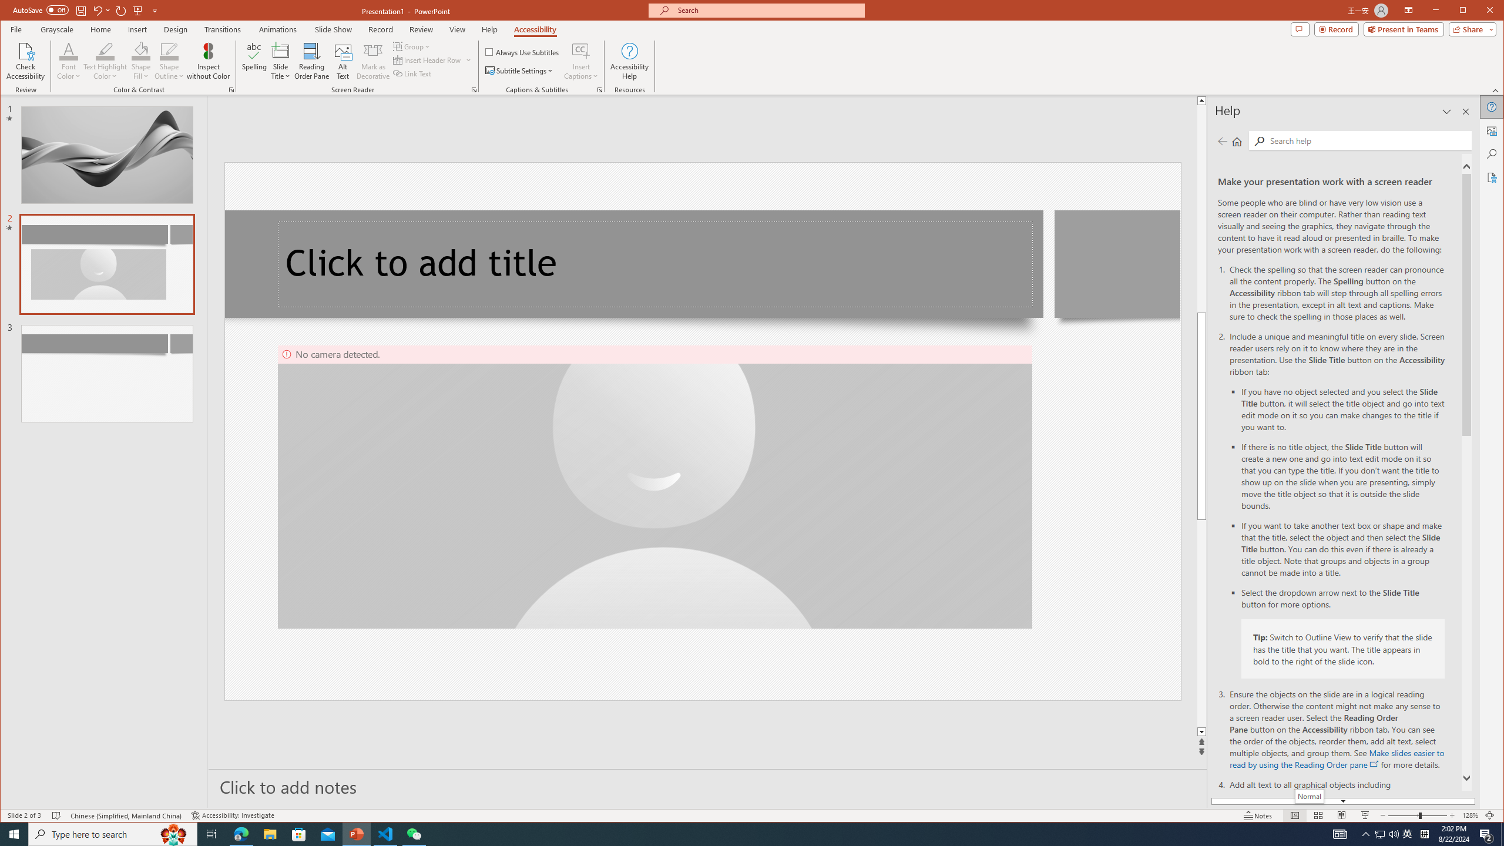 This screenshot has height=846, width=1504. Describe the element at coordinates (1470, 815) in the screenshot. I see `'Zoom 128%'` at that location.